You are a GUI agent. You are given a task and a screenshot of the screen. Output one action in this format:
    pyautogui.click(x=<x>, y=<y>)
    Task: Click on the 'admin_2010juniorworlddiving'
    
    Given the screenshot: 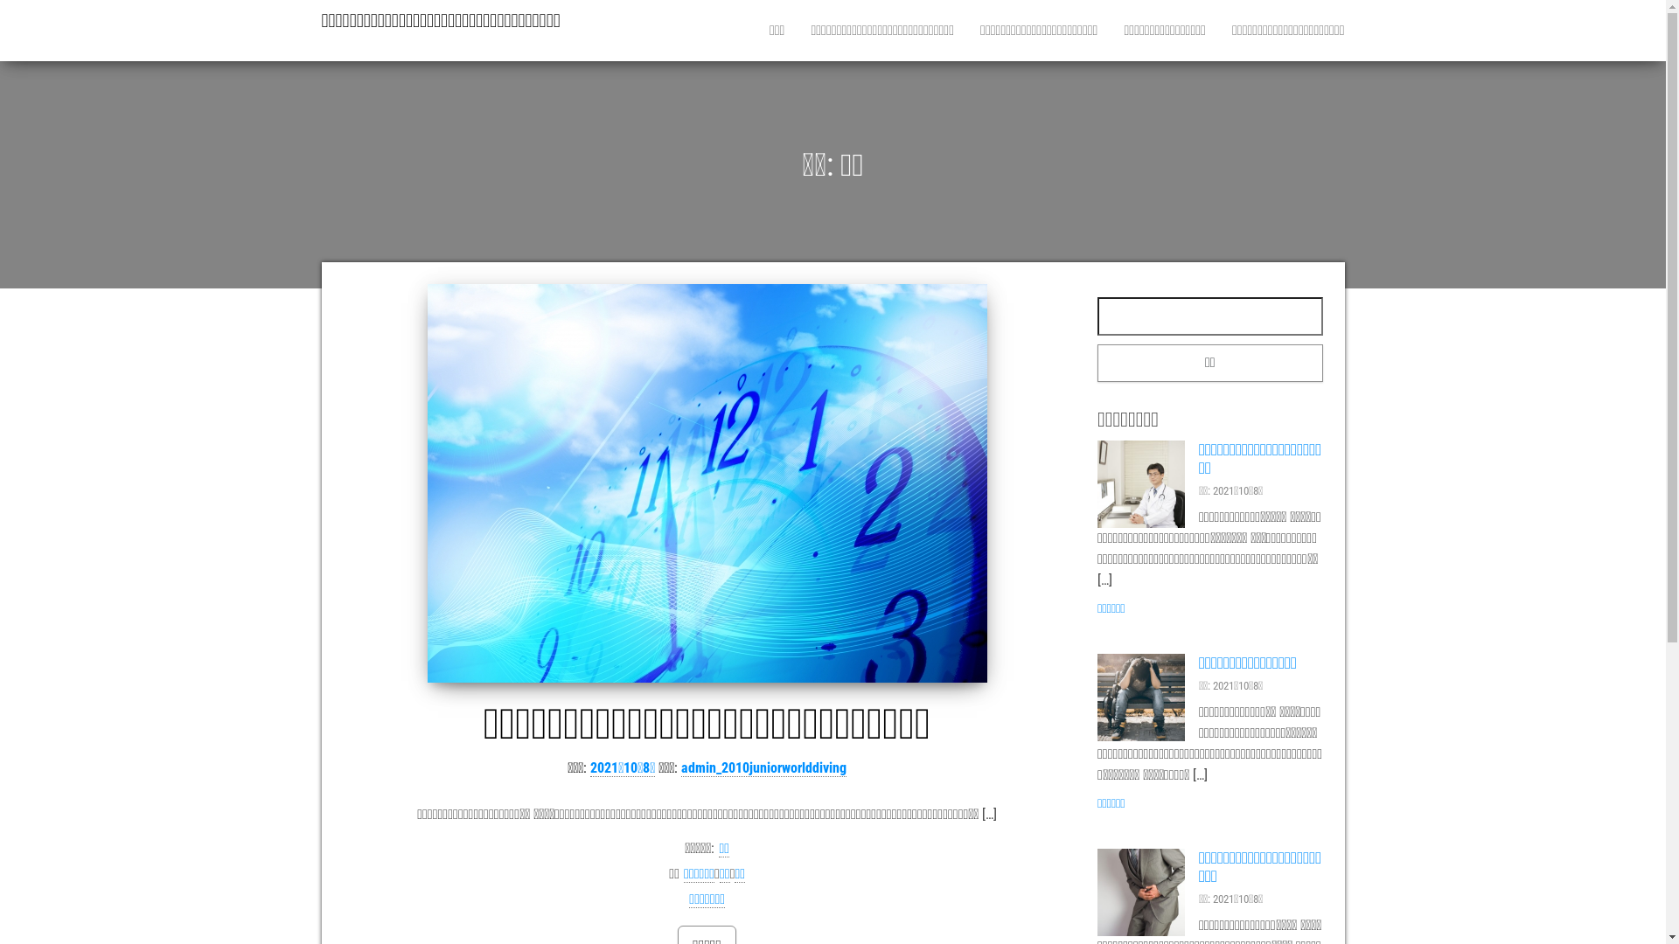 What is the action you would take?
    pyautogui.click(x=763, y=767)
    